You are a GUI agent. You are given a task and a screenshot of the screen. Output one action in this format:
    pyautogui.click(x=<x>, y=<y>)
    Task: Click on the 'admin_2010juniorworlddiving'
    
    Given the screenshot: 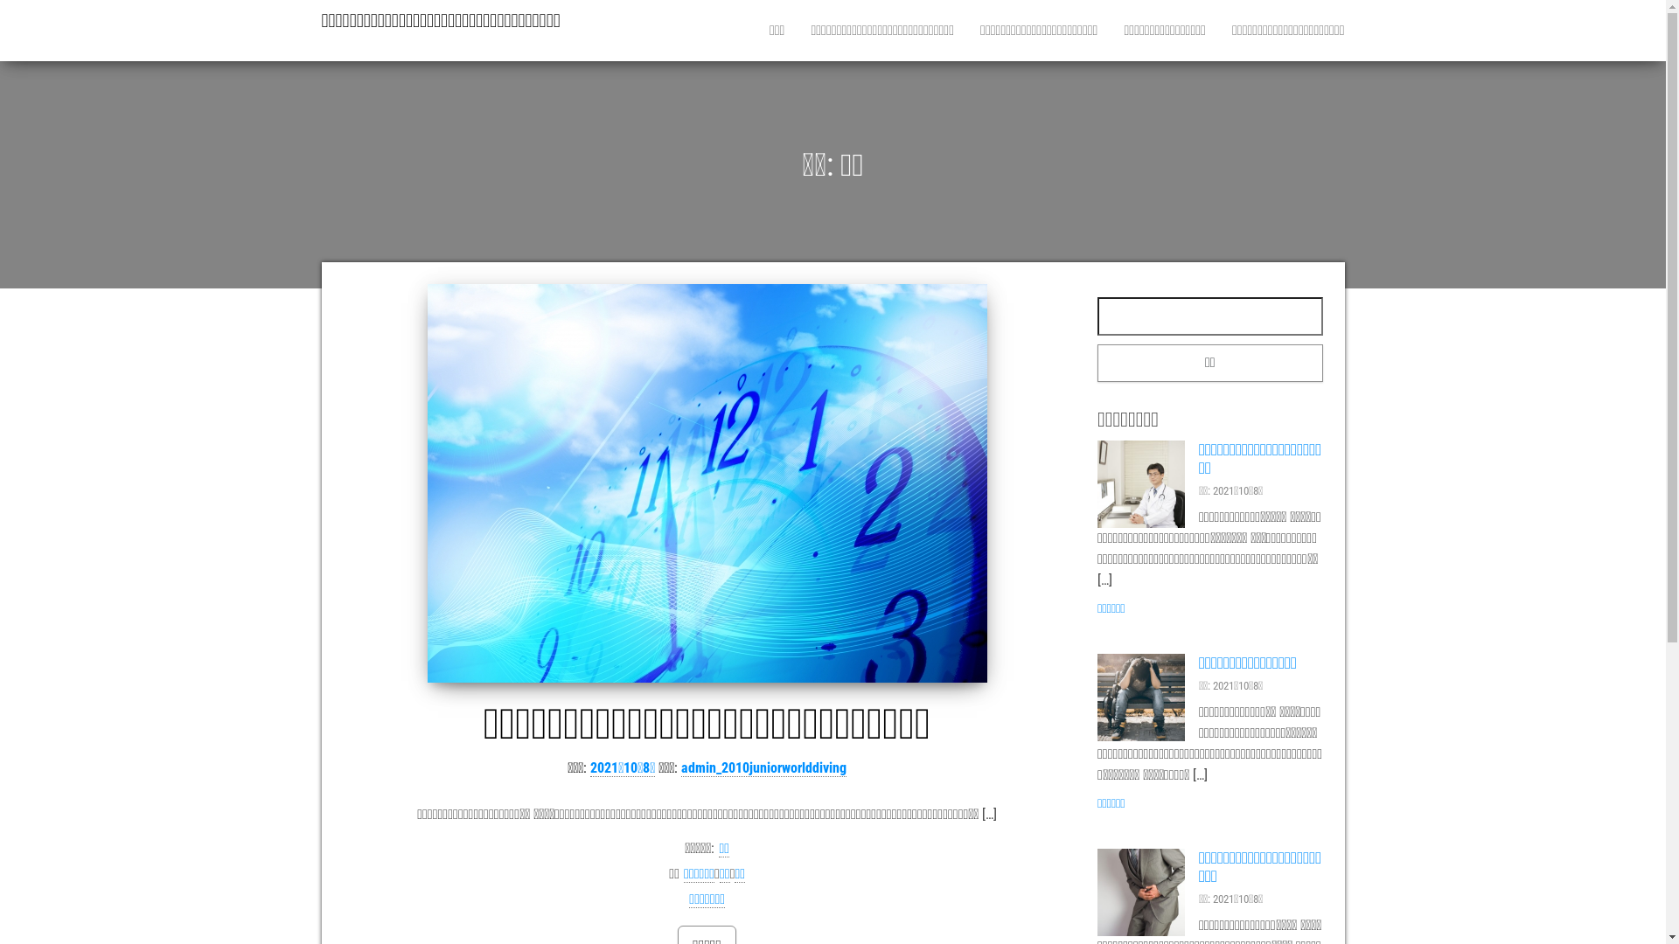 What is the action you would take?
    pyautogui.click(x=763, y=767)
    